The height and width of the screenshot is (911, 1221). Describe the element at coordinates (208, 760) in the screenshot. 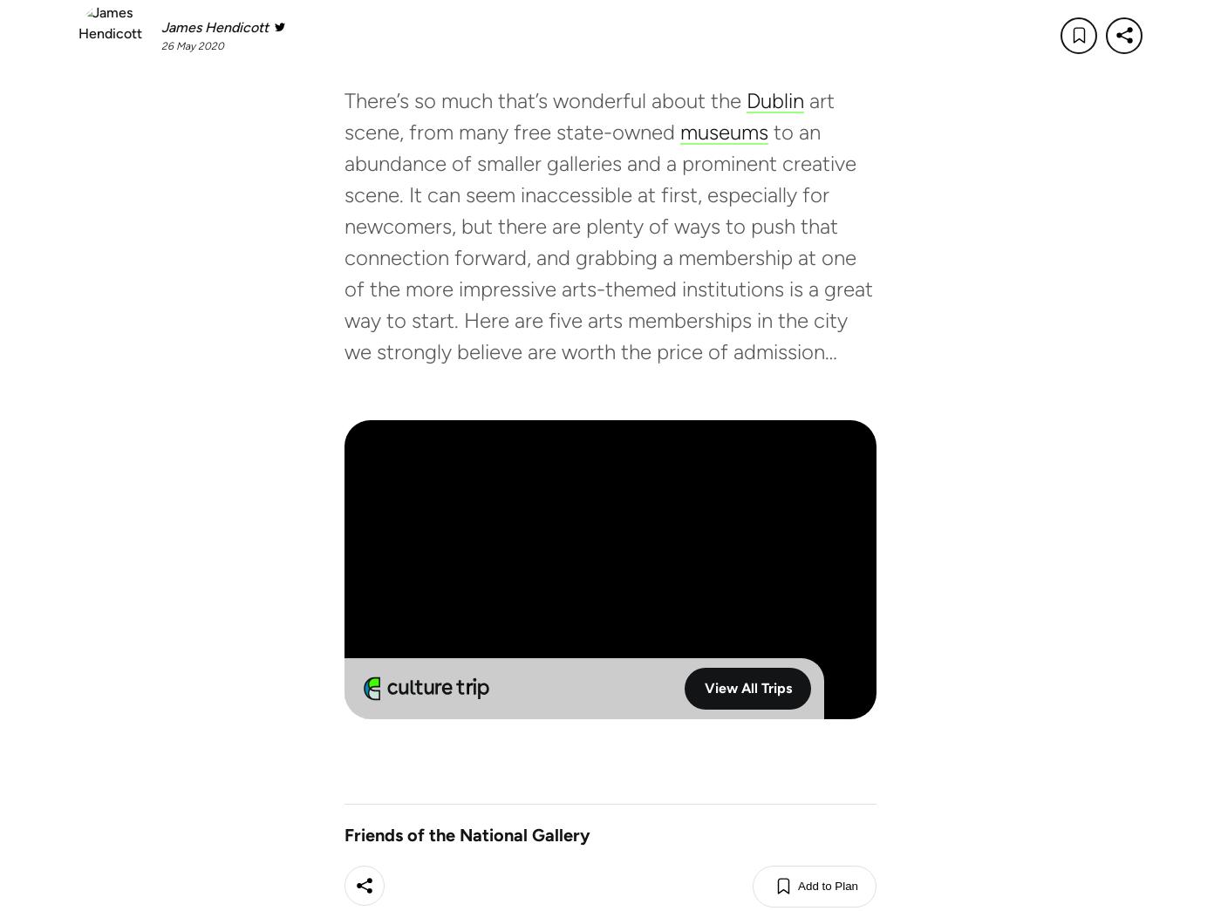

I see `'Bahamas'` at that location.